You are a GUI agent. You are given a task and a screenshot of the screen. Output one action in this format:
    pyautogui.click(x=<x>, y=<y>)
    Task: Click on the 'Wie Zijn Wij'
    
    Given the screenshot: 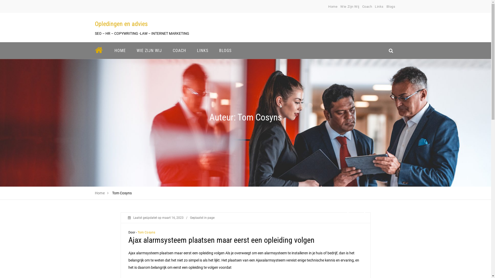 What is the action you would take?
    pyautogui.click(x=350, y=6)
    